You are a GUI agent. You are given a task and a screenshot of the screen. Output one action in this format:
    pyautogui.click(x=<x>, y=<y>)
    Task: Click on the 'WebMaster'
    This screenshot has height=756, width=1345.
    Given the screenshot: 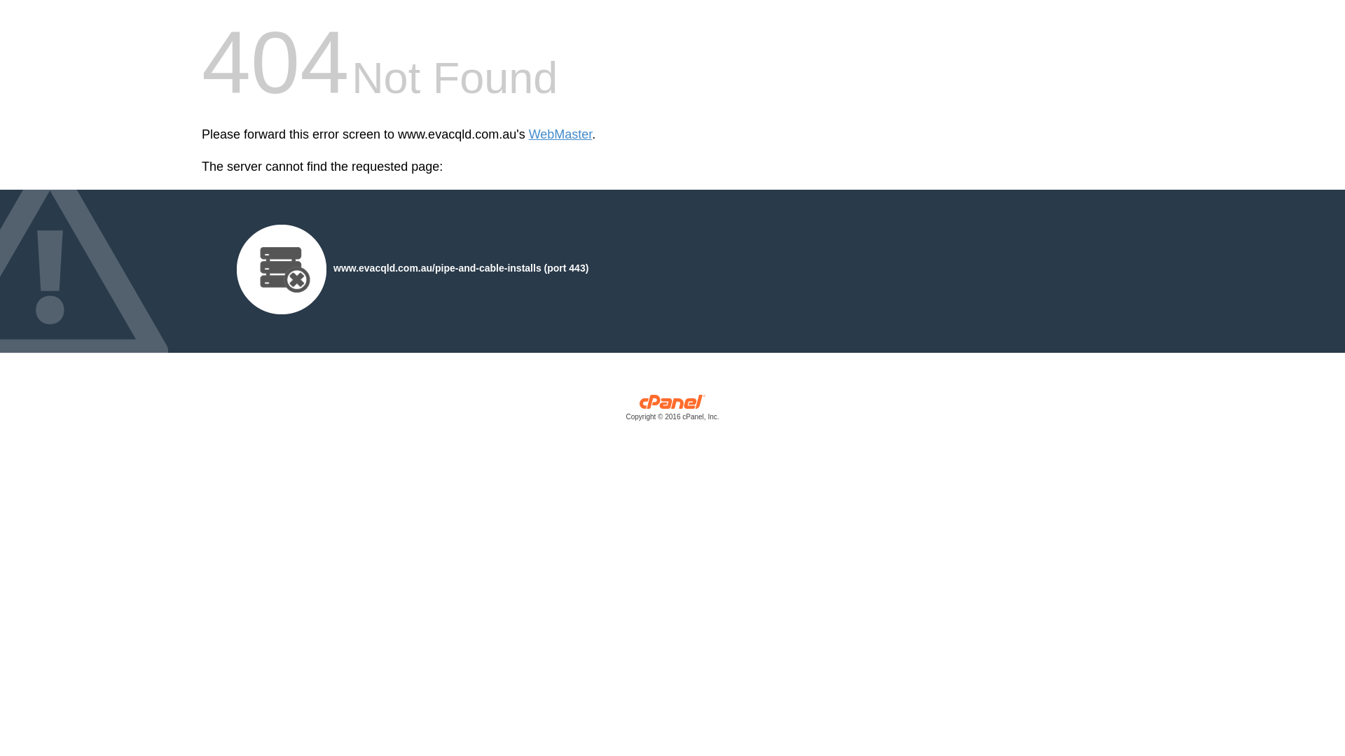 What is the action you would take?
    pyautogui.click(x=527, y=134)
    